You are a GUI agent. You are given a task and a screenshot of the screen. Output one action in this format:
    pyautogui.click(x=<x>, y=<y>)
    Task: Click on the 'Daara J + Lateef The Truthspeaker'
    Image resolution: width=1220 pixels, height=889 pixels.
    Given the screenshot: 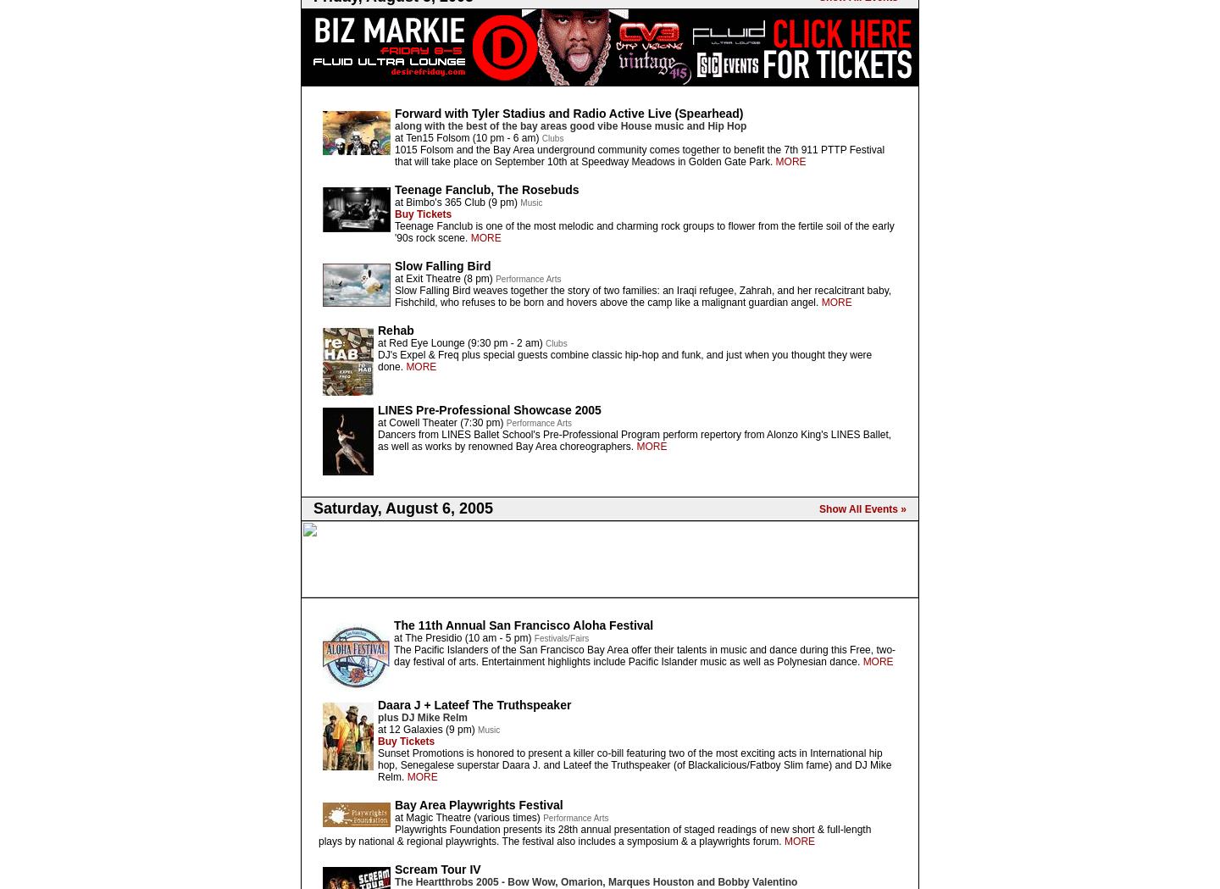 What is the action you would take?
    pyautogui.click(x=474, y=703)
    